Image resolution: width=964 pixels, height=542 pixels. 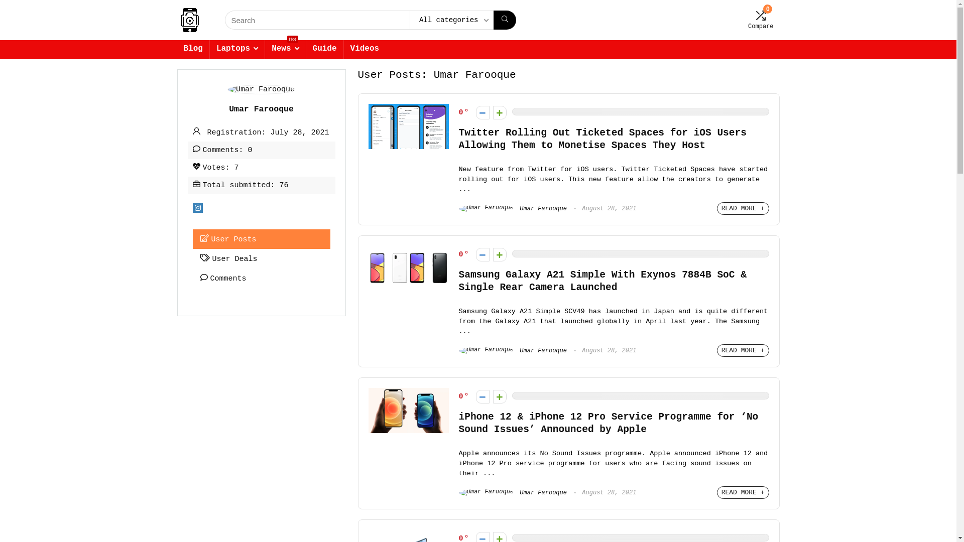 What do you see at coordinates (262, 278) in the screenshot?
I see `'Comments'` at bounding box center [262, 278].